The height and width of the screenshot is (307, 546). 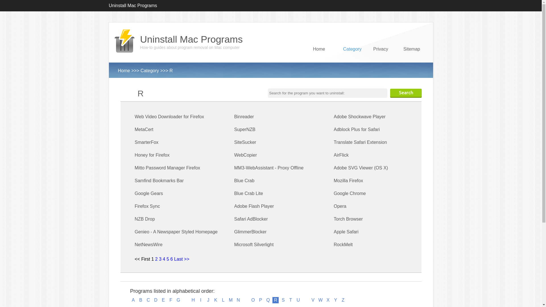 I want to click on 'D', so click(x=153, y=300).